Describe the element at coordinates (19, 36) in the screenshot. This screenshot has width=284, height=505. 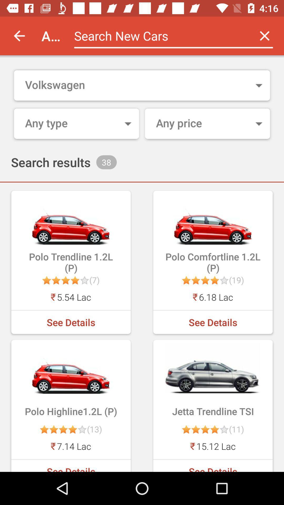
I see `item to the left of autoportal` at that location.